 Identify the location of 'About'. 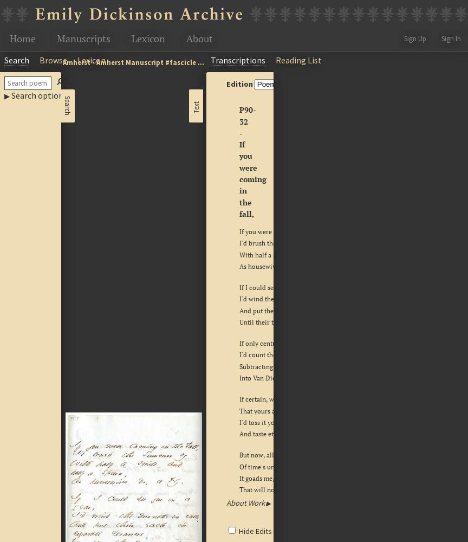
(199, 38).